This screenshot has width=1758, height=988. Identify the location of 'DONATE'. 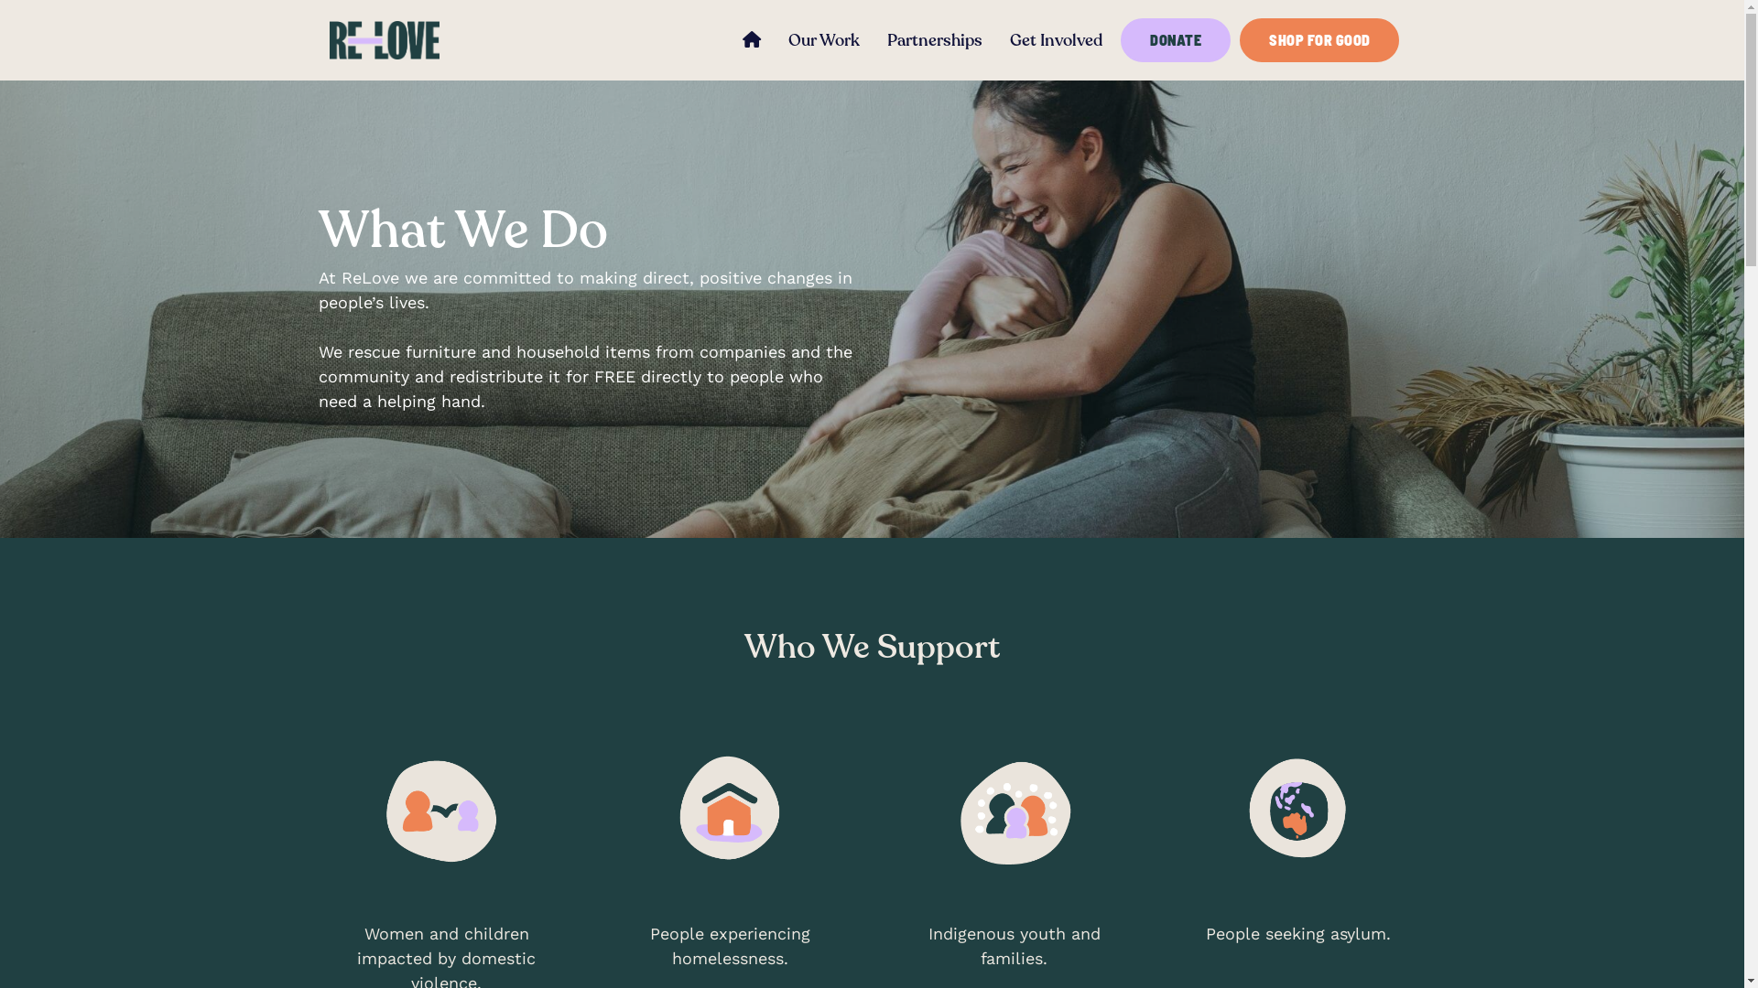
(1175, 39).